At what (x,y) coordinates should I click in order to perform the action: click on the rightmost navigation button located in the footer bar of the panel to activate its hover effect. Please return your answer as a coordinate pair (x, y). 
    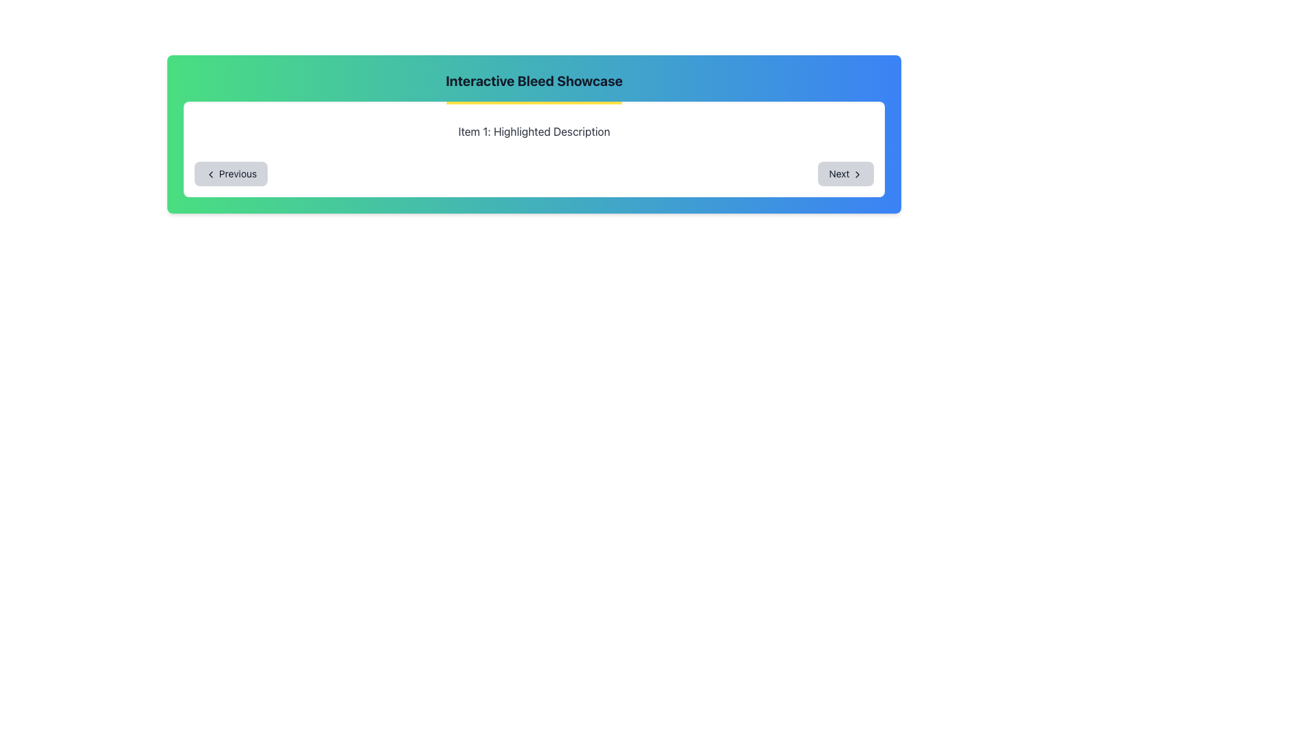
    Looking at the image, I should click on (845, 173).